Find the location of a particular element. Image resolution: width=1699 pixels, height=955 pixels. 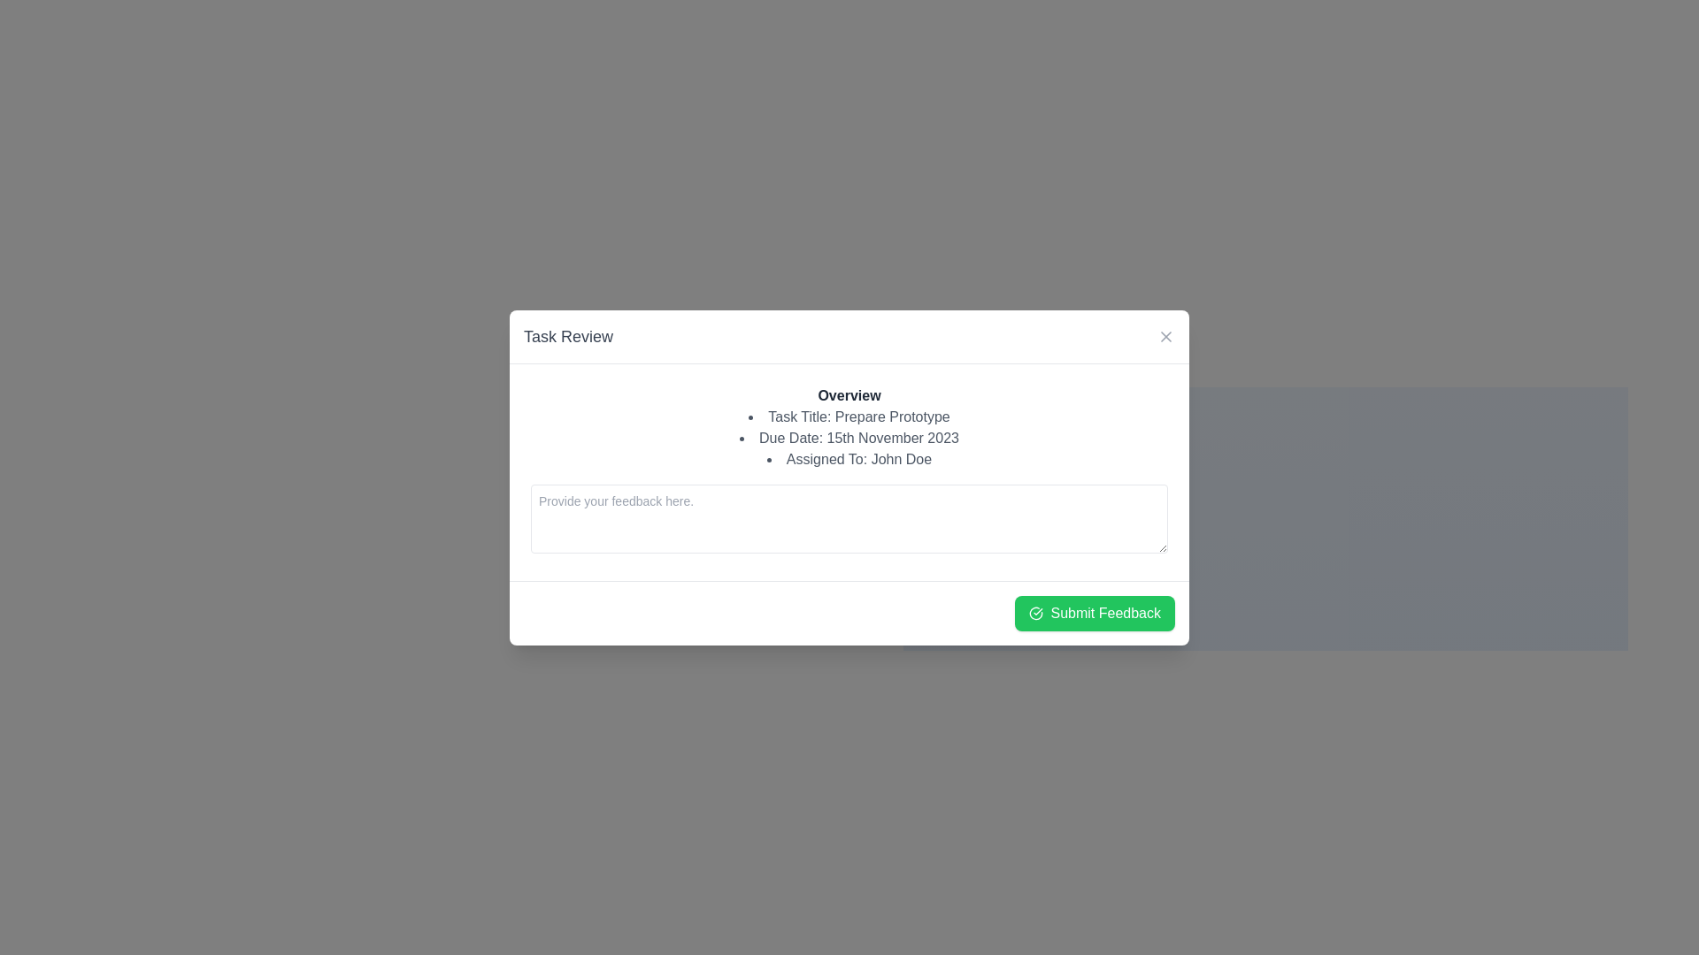

the close button icon (×) located in the top-right corner of the 'Task Review' modal is located at coordinates (1166, 336).